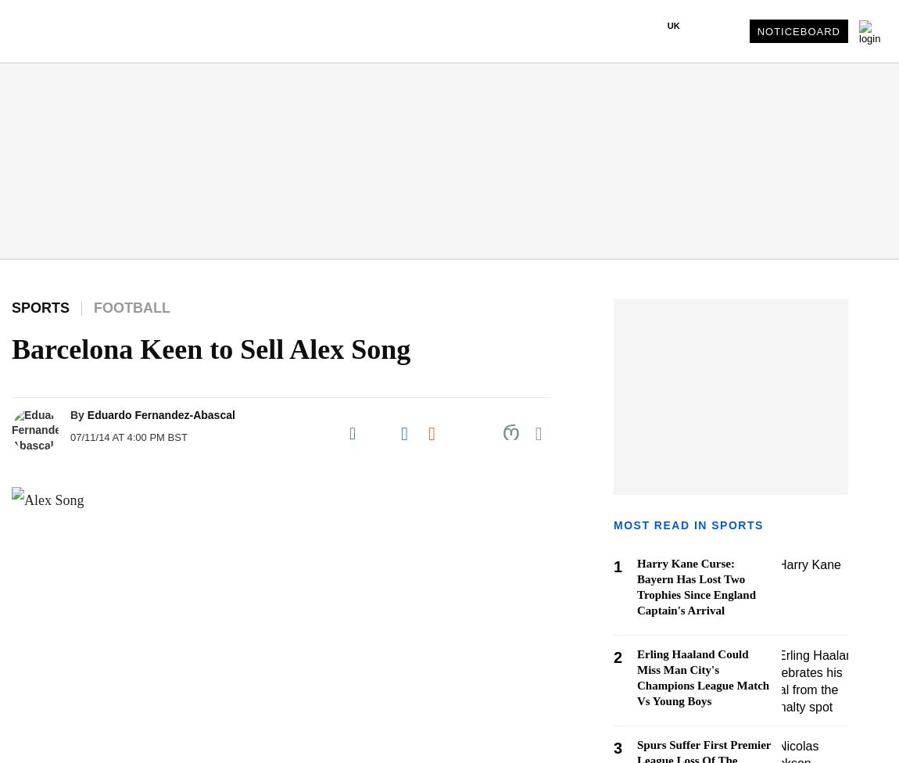 This screenshot has height=763, width=899. What do you see at coordinates (36, 429) in the screenshot?
I see `'- Travel'` at bounding box center [36, 429].